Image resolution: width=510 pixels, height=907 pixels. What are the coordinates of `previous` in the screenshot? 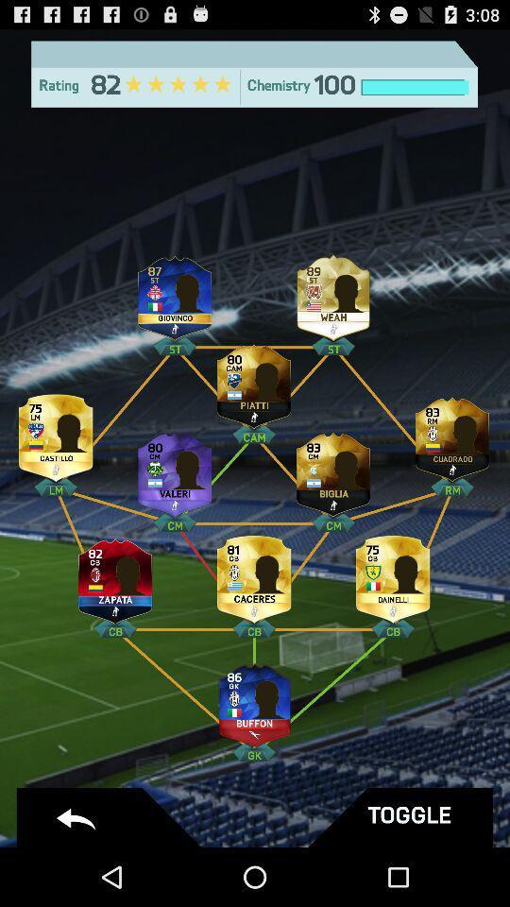 It's located at (111, 816).